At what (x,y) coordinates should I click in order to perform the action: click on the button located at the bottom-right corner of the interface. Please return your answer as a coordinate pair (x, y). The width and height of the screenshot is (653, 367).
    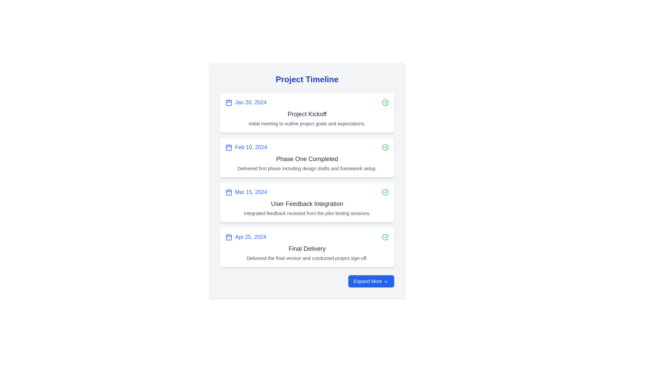
    Looking at the image, I should click on (371, 281).